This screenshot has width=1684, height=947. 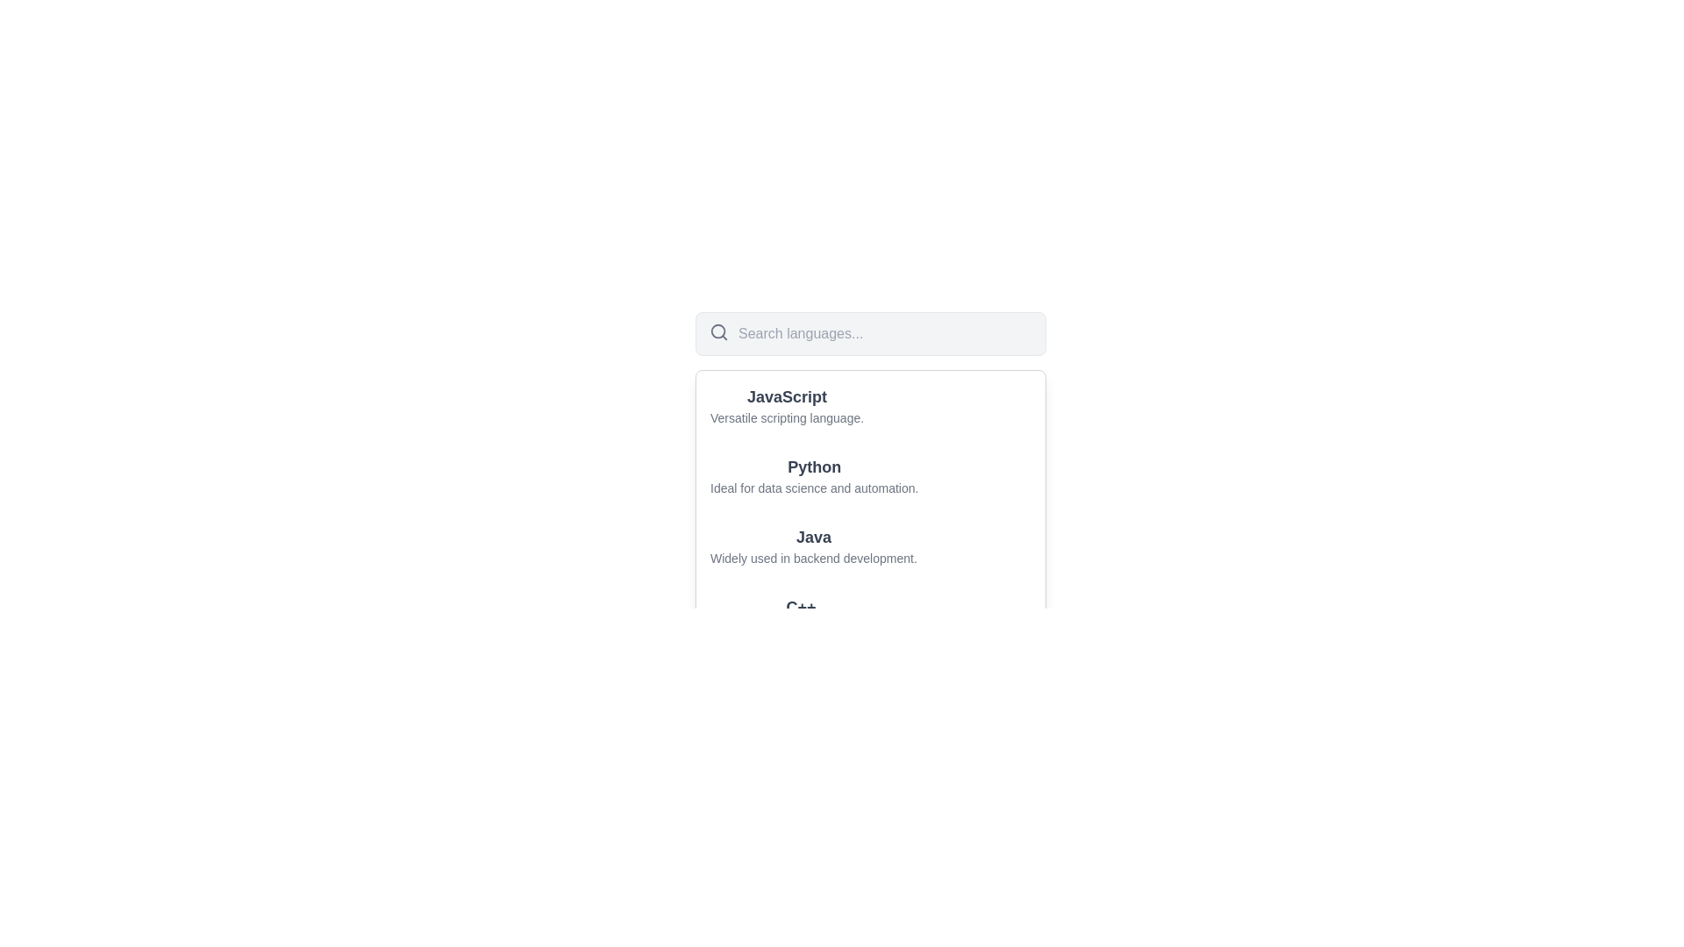 I want to click on the static text providing a description of 'JavaScript' located directly underneath the title 'JavaScript', so click(x=786, y=418).